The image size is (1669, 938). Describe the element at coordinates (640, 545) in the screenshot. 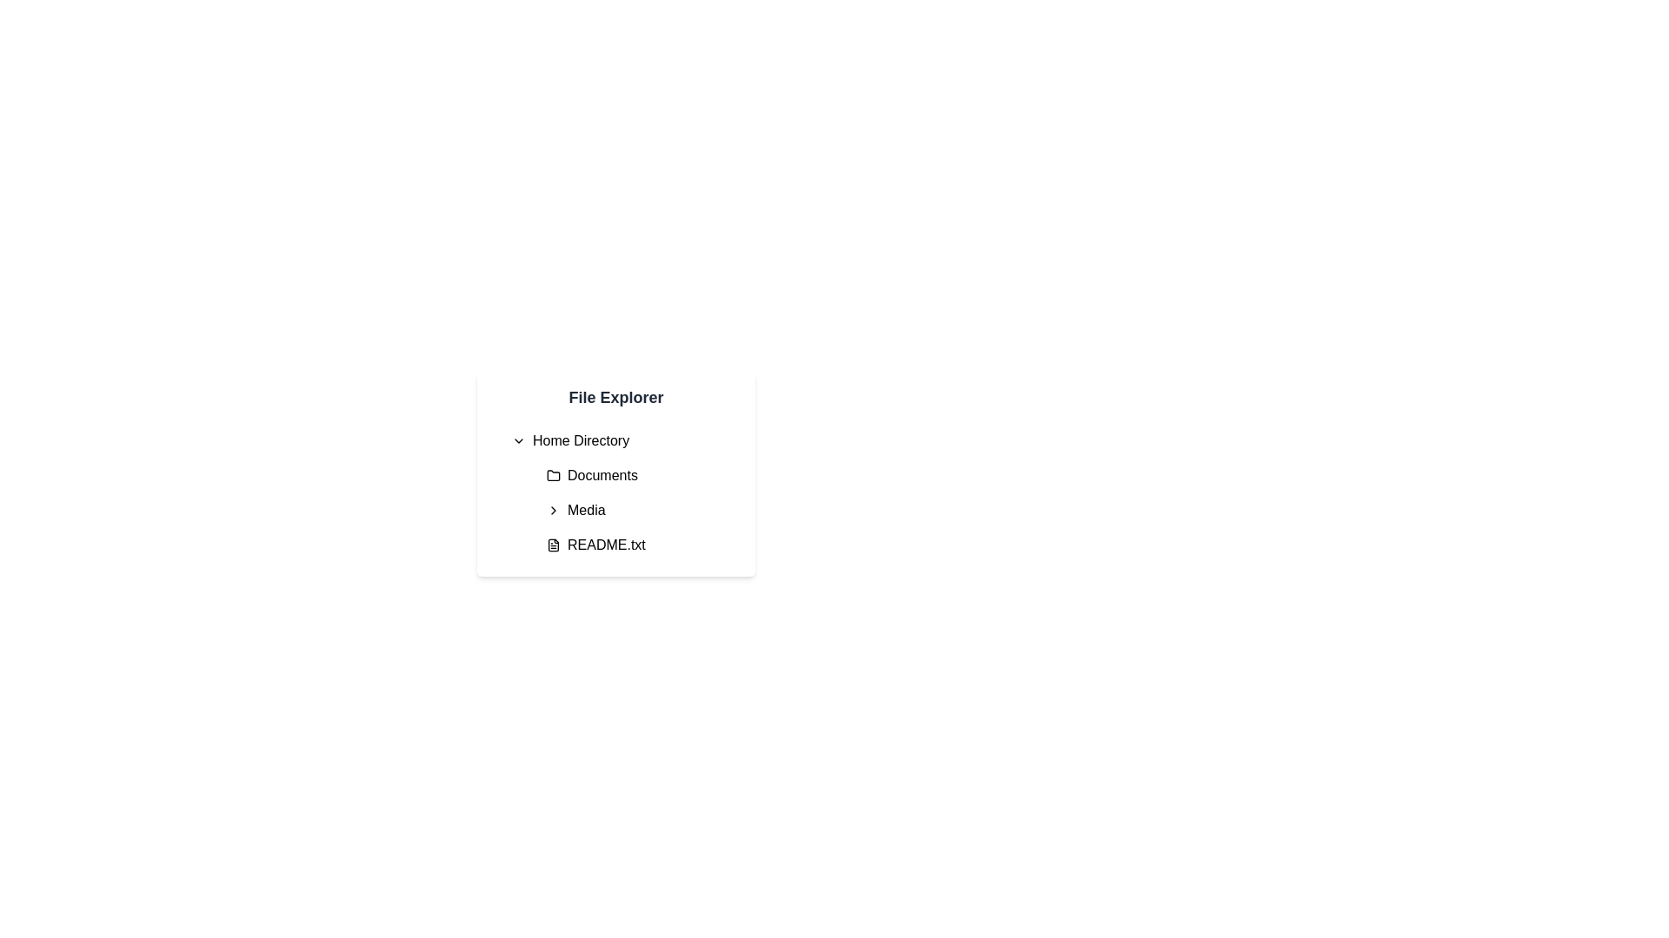

I see `the 'README.txt' file in the file explorer under the 'Media' directory` at that location.